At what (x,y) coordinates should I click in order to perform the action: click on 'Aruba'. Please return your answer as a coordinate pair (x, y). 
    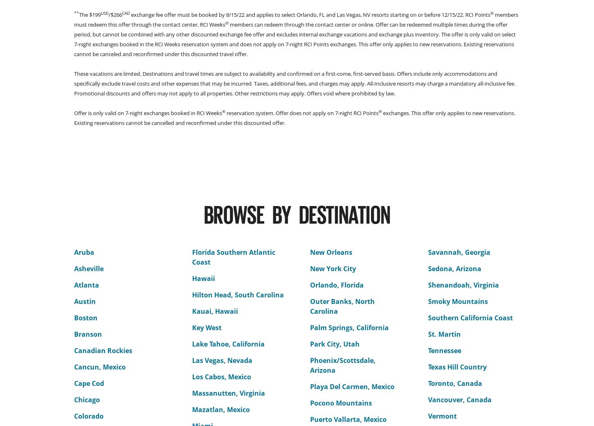
    Looking at the image, I should click on (84, 252).